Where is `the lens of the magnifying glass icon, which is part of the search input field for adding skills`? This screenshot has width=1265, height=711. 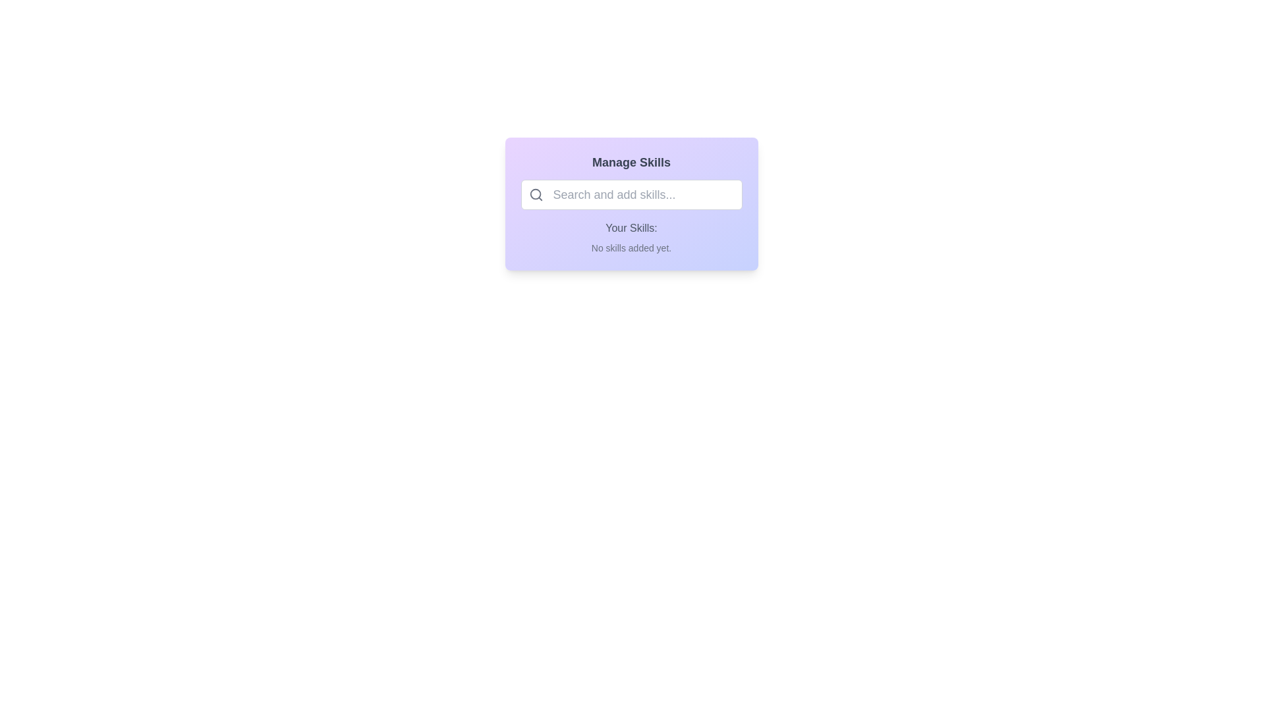 the lens of the magnifying glass icon, which is part of the search input field for adding skills is located at coordinates (535, 194).